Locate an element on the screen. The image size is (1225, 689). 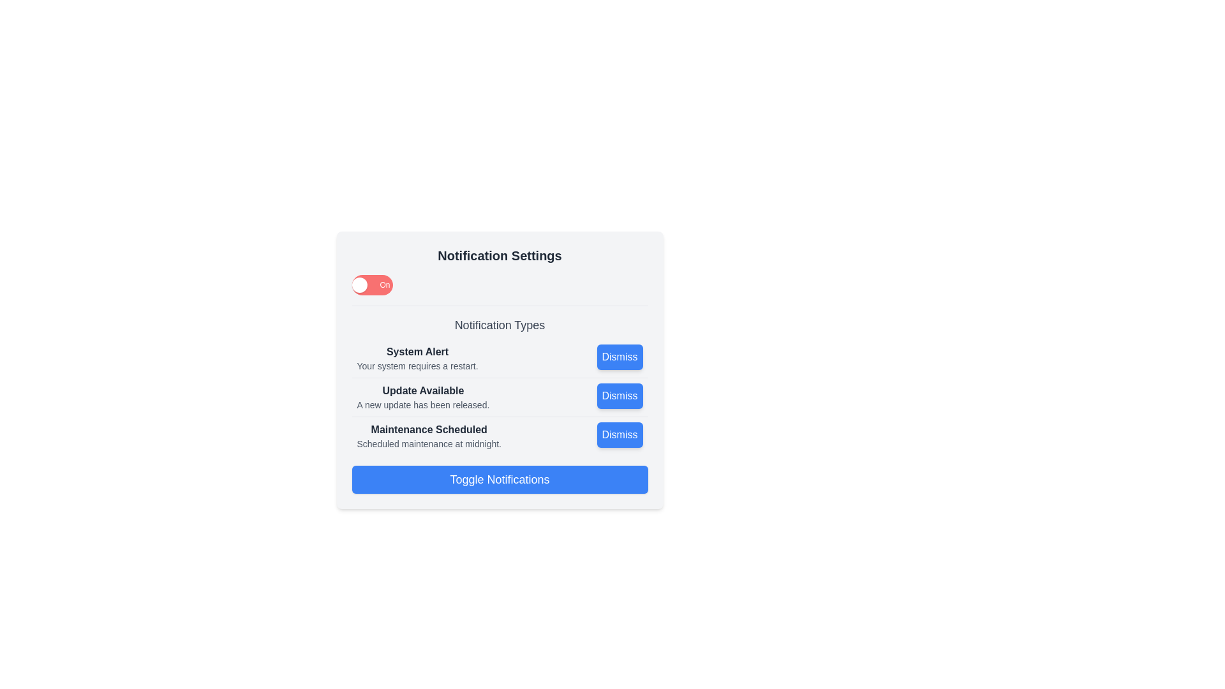
the text label displaying 'Update Available', which is bold and dark gray, located in the notification panel is located at coordinates (423, 390).